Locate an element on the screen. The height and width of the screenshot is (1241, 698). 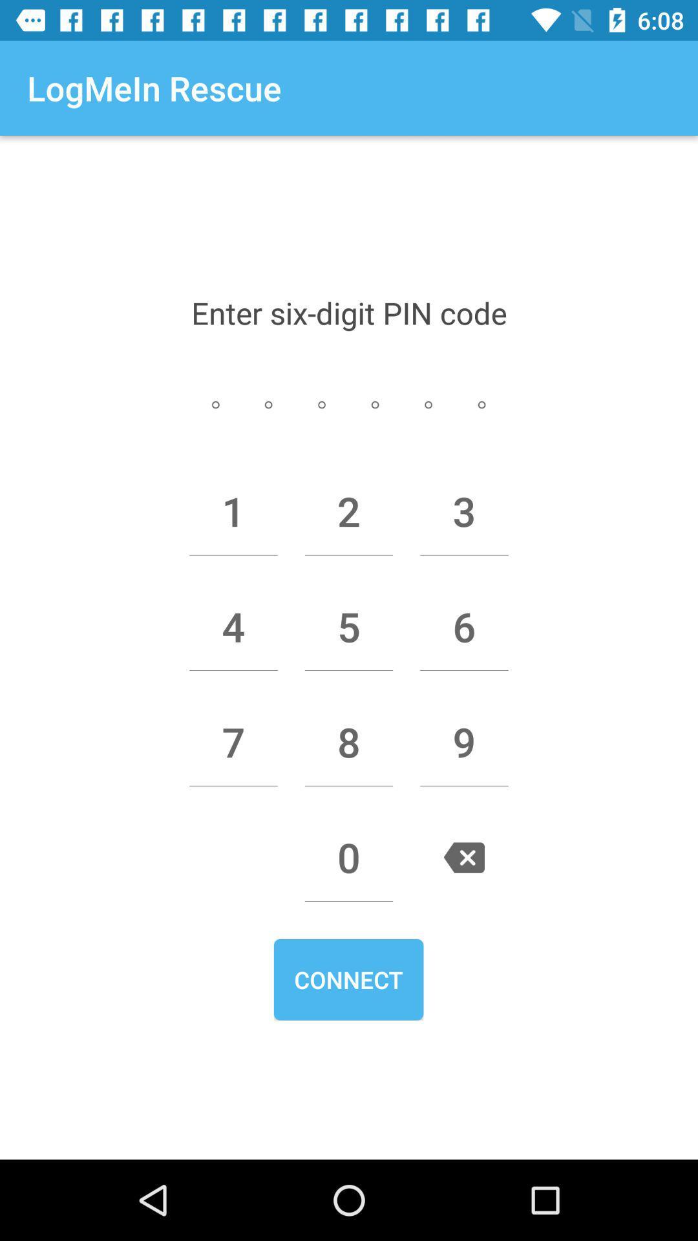
the icon above the 8 icon is located at coordinates (349, 626).